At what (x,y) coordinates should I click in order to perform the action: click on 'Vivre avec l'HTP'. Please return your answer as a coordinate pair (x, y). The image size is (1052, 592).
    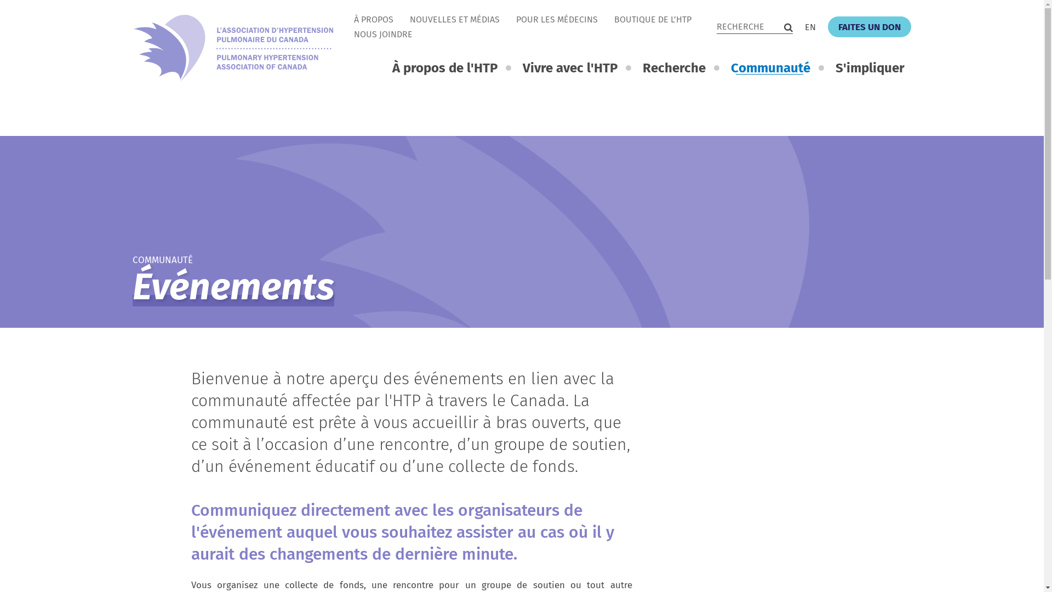
    Looking at the image, I should click on (576, 67).